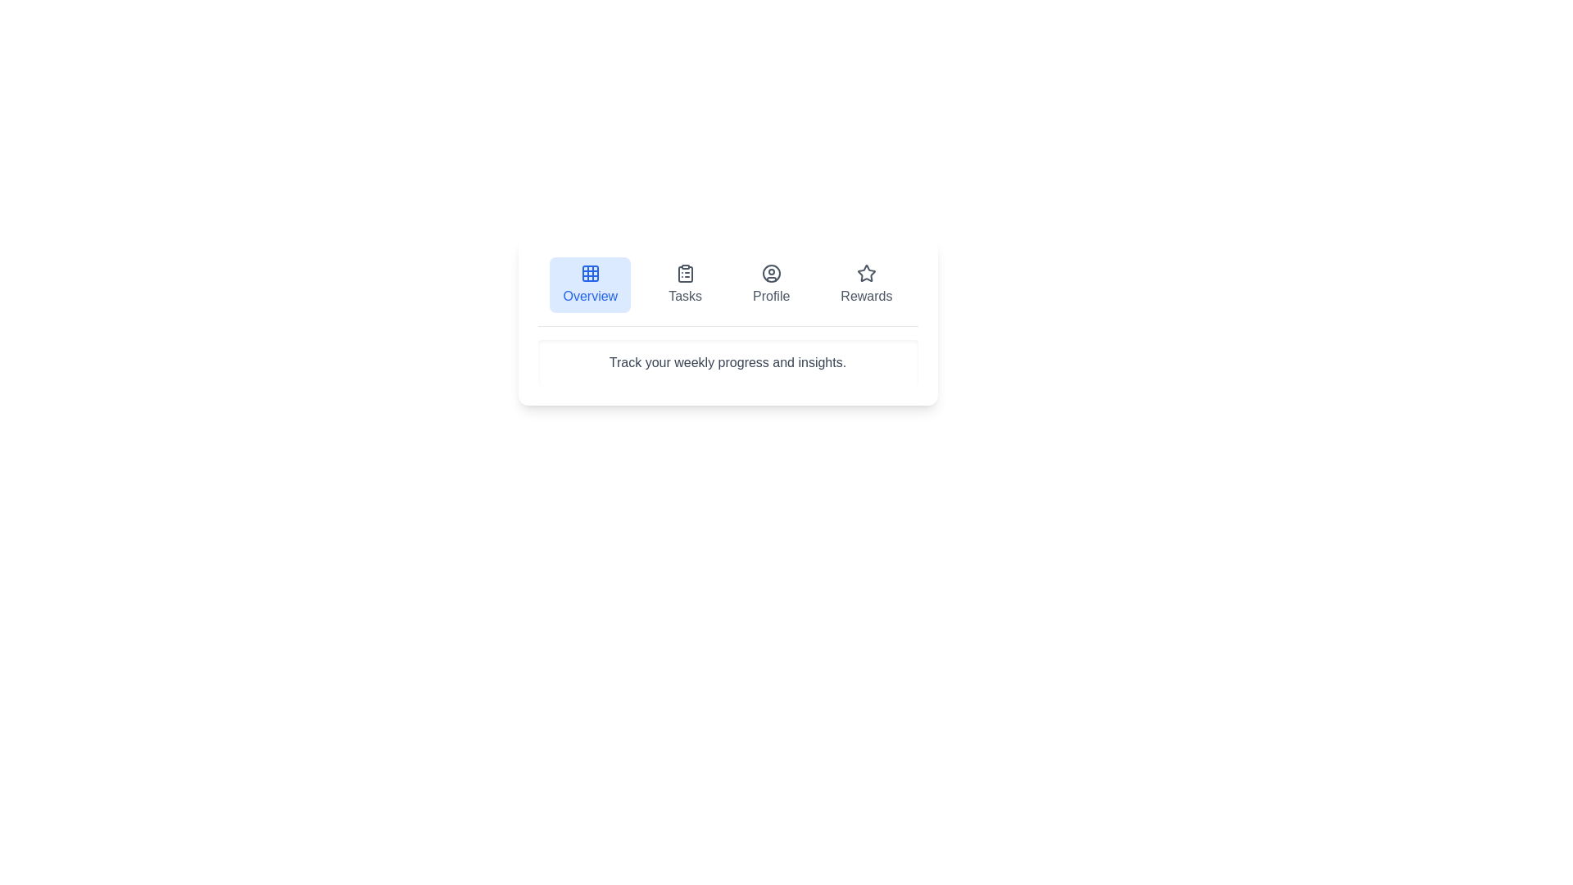  What do you see at coordinates (865, 284) in the screenshot?
I see `the 'Rewards' navigation button located on the far right of the horizontal menu` at bounding box center [865, 284].